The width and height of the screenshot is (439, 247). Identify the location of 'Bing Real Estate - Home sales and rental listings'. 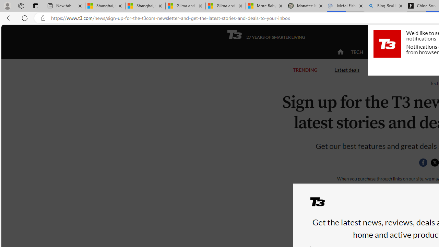
(386, 6).